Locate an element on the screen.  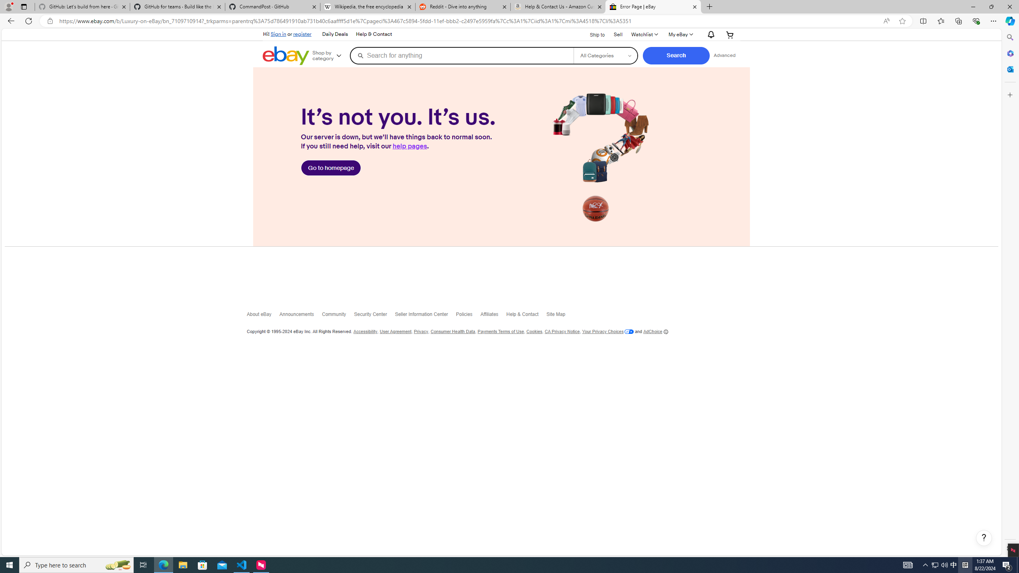
'Your shopping cart' is located at coordinates (730, 35).